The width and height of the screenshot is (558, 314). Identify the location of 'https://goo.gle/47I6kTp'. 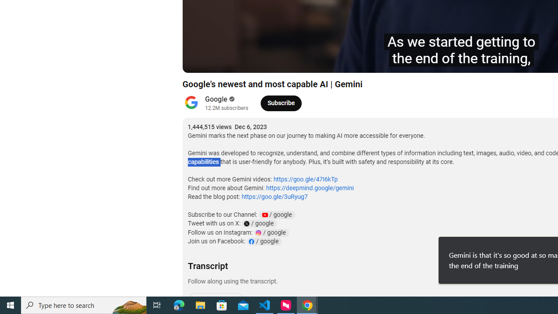
(305, 179).